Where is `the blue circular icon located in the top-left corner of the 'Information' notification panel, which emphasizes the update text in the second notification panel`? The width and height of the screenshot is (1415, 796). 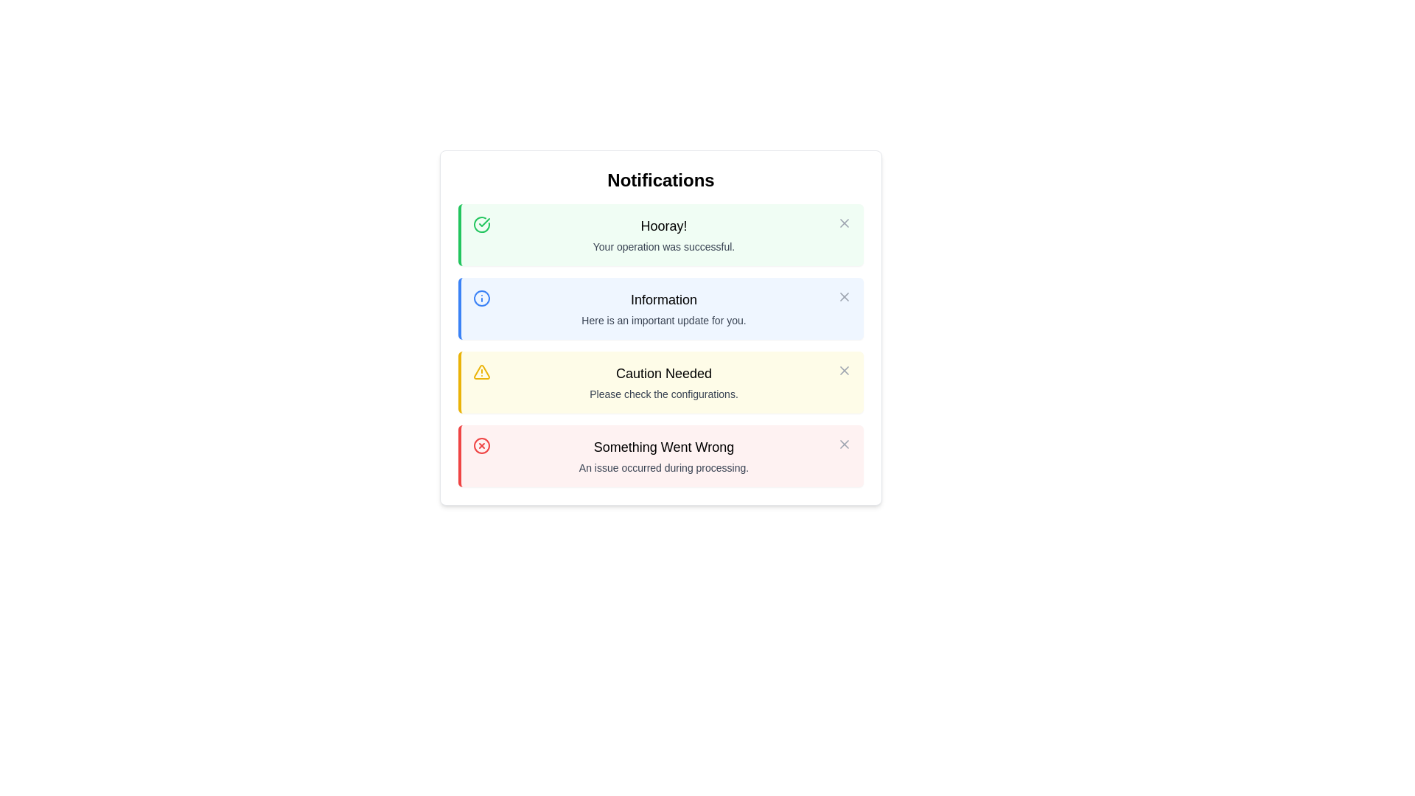
the blue circular icon located in the top-left corner of the 'Information' notification panel, which emphasizes the update text in the second notification panel is located at coordinates (481, 298).